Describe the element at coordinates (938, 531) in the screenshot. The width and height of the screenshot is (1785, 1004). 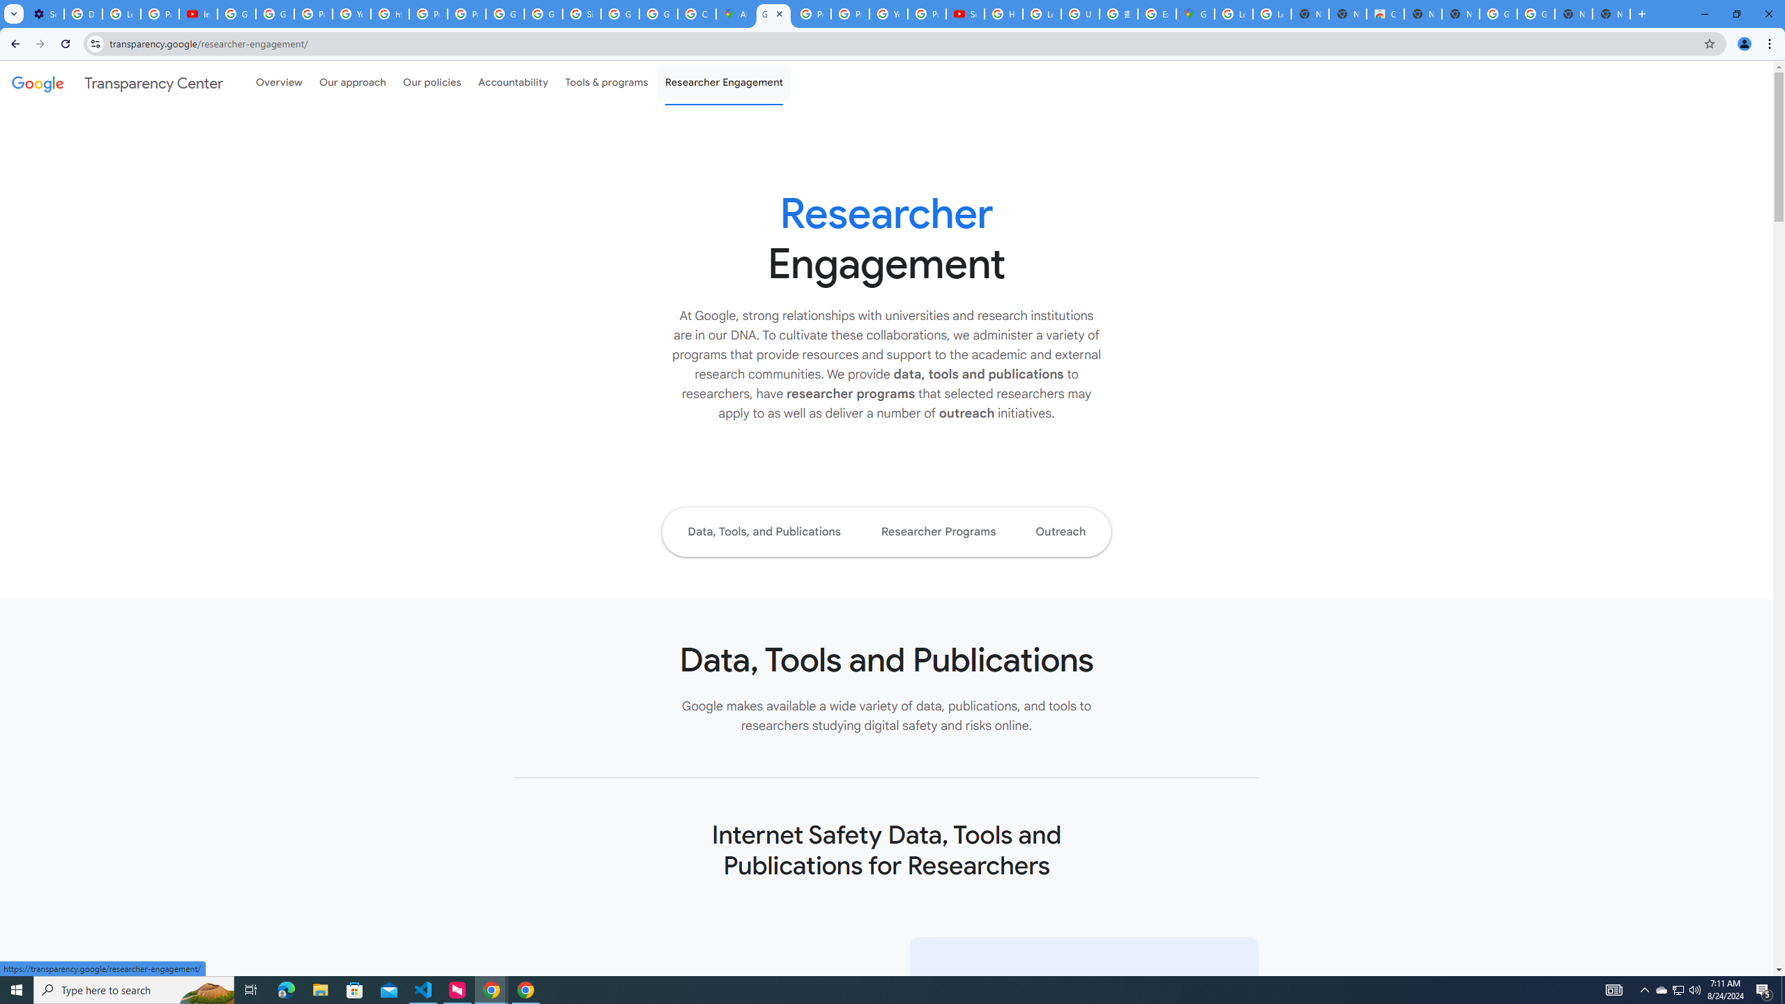
I see `'Researcher Programs'` at that location.